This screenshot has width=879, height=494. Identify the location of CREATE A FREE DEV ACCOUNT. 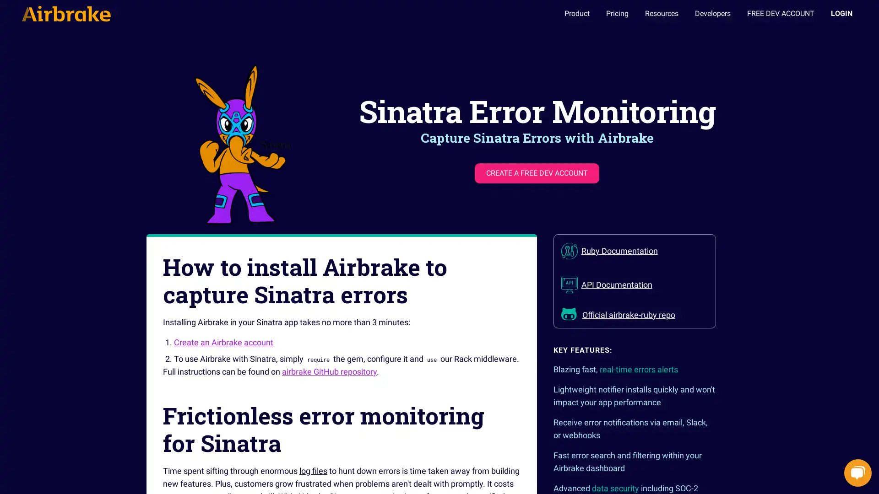
(537, 173).